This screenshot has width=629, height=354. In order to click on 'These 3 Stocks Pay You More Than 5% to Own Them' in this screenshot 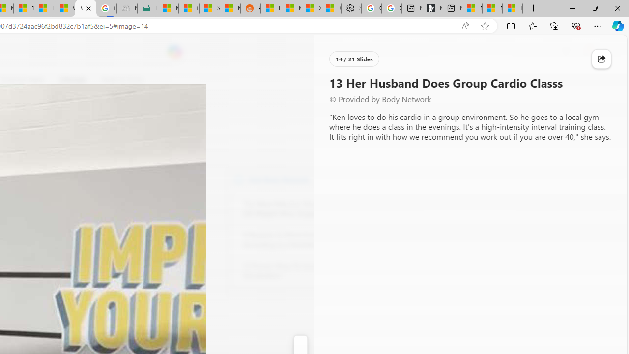, I will do `click(512, 8)`.